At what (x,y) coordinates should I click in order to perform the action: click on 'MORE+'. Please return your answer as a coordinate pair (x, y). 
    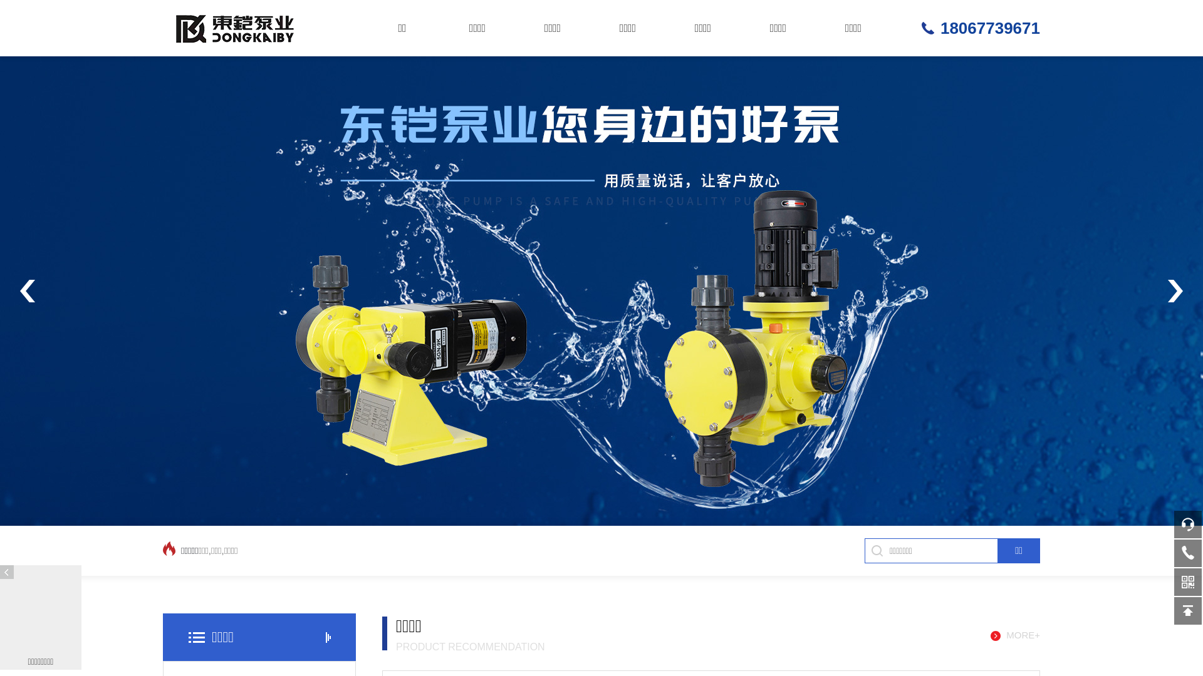
    Looking at the image, I should click on (1015, 635).